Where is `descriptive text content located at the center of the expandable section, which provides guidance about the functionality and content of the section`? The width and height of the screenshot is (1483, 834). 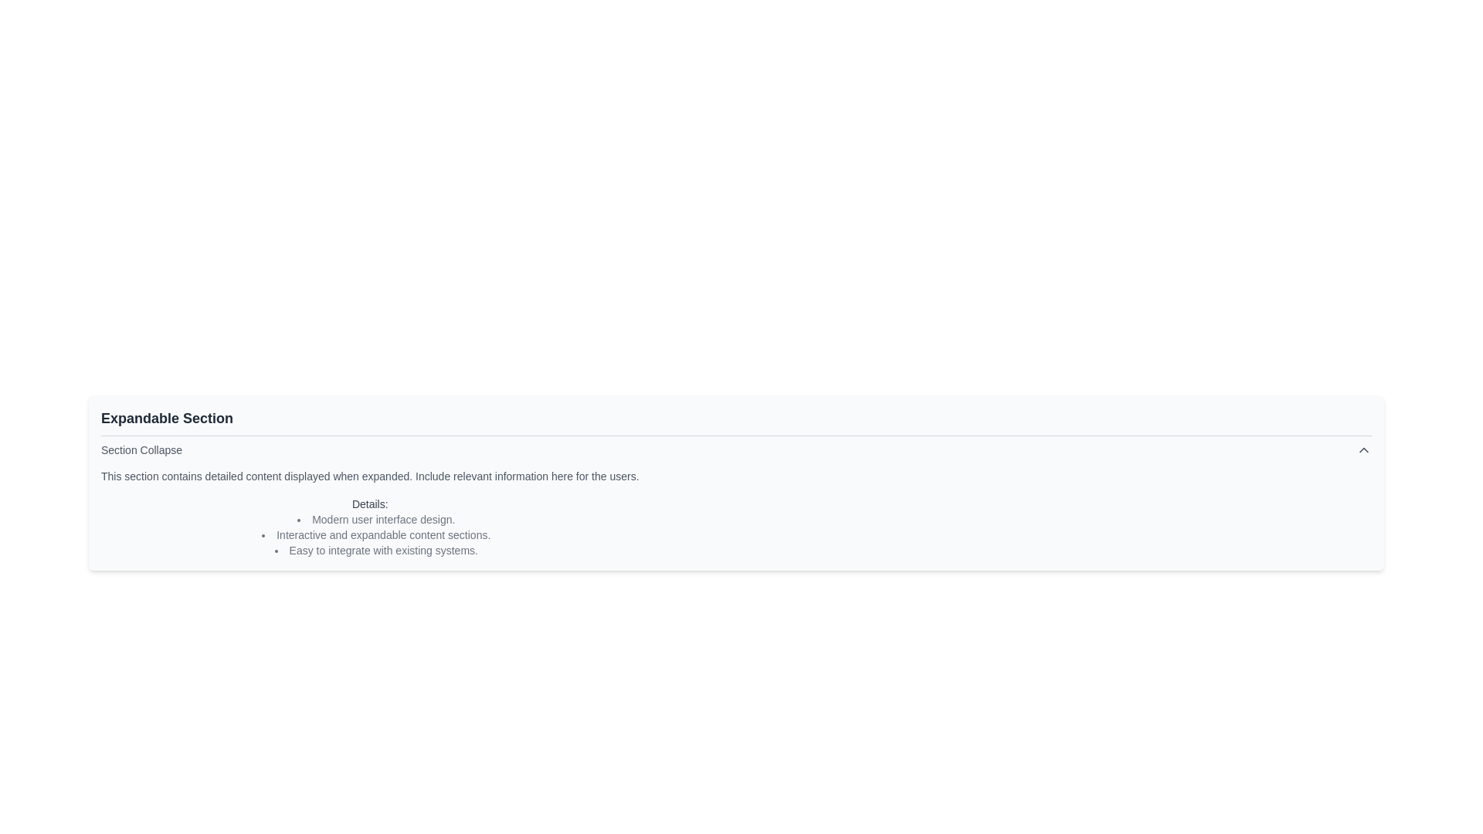 descriptive text content located at the center of the expandable section, which provides guidance about the functionality and content of the section is located at coordinates (369, 476).